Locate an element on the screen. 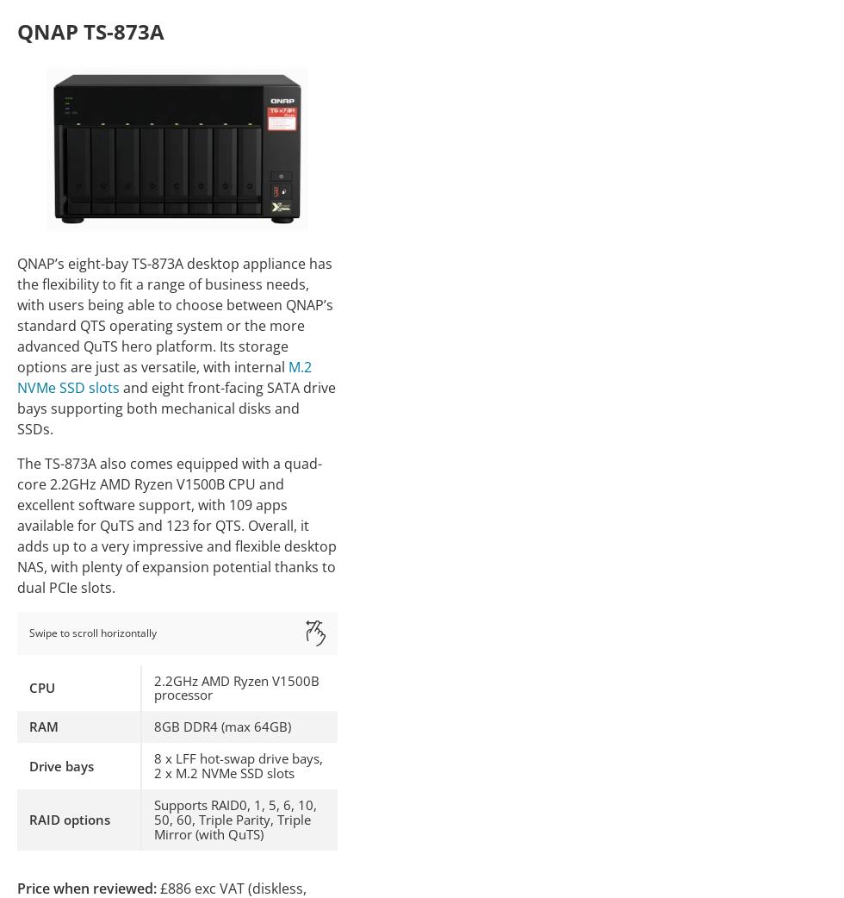 This screenshot has height=898, width=844. '2.2GHz AMD Ryzen V1500B processor' is located at coordinates (236, 687).